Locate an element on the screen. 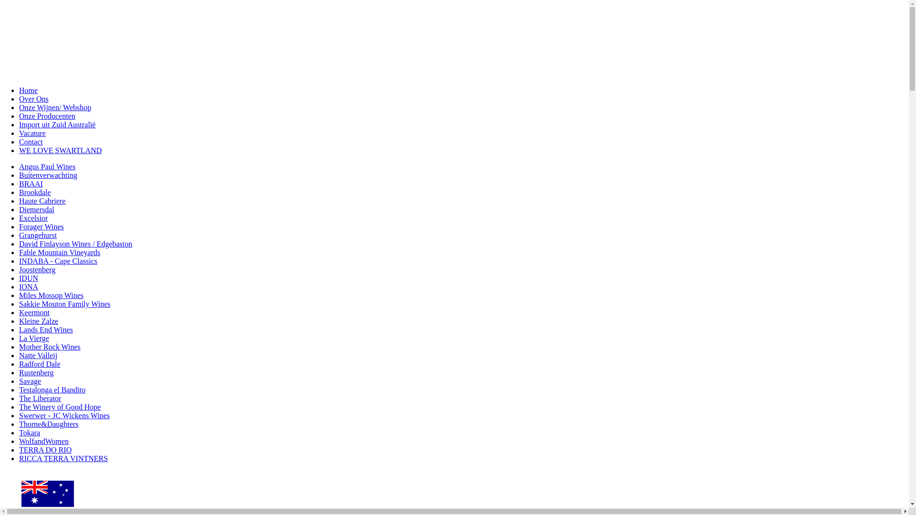 The width and height of the screenshot is (916, 515). 'Onze Wijnen/ Webshop' is located at coordinates (54, 107).